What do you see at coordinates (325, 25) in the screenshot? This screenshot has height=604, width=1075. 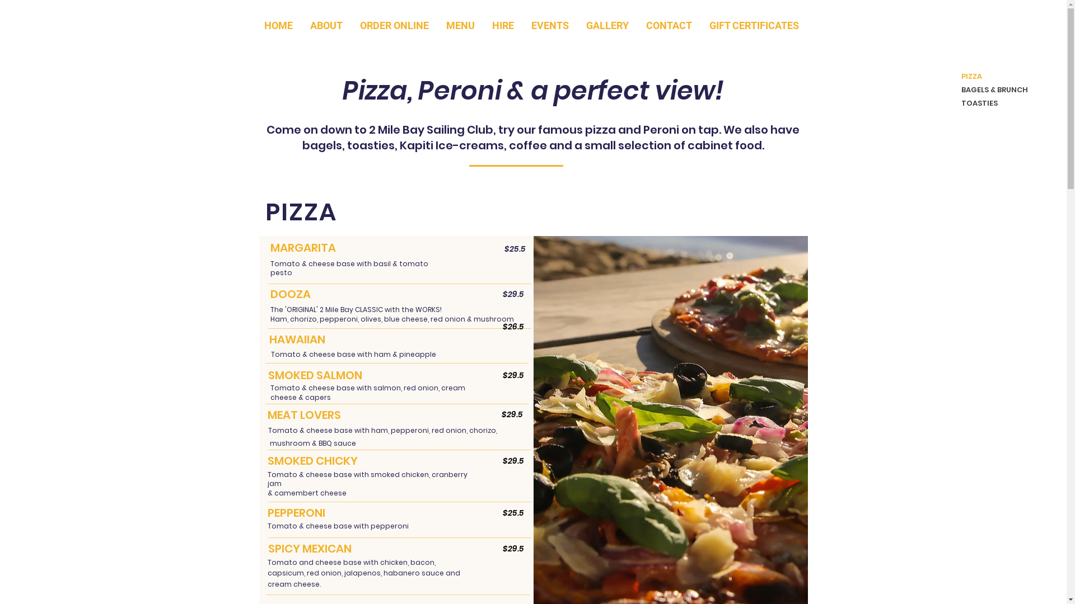 I see `'ABOUT'` at bounding box center [325, 25].